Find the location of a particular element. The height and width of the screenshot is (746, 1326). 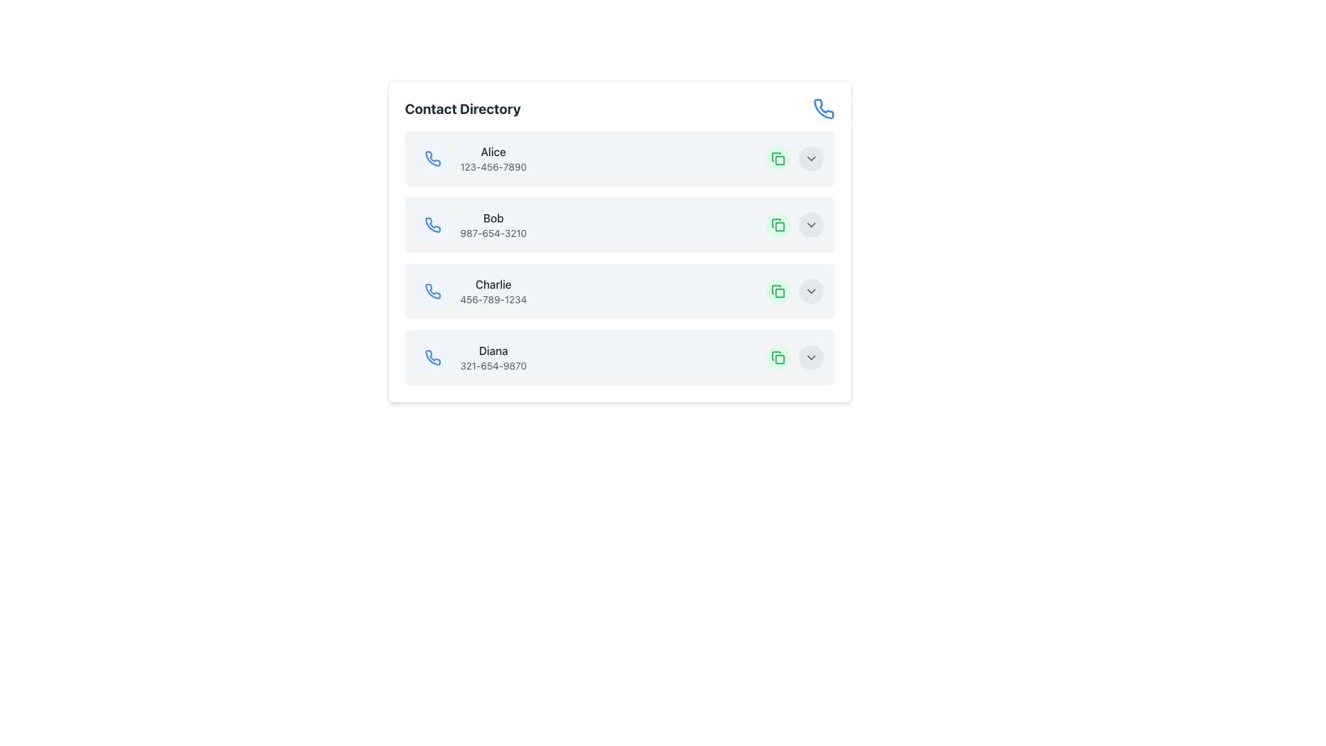

the read-only text label displaying the contact number for user 'Alice', located underneath her name in the first contact entry is located at coordinates (493, 166).